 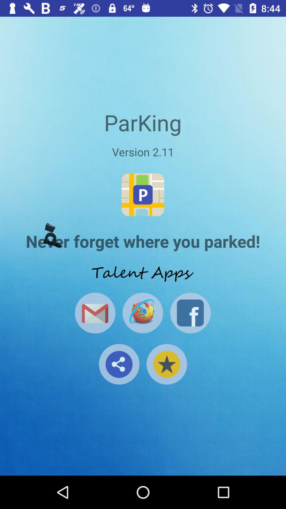 What do you see at coordinates (142, 313) in the screenshot?
I see `firefox button` at bounding box center [142, 313].